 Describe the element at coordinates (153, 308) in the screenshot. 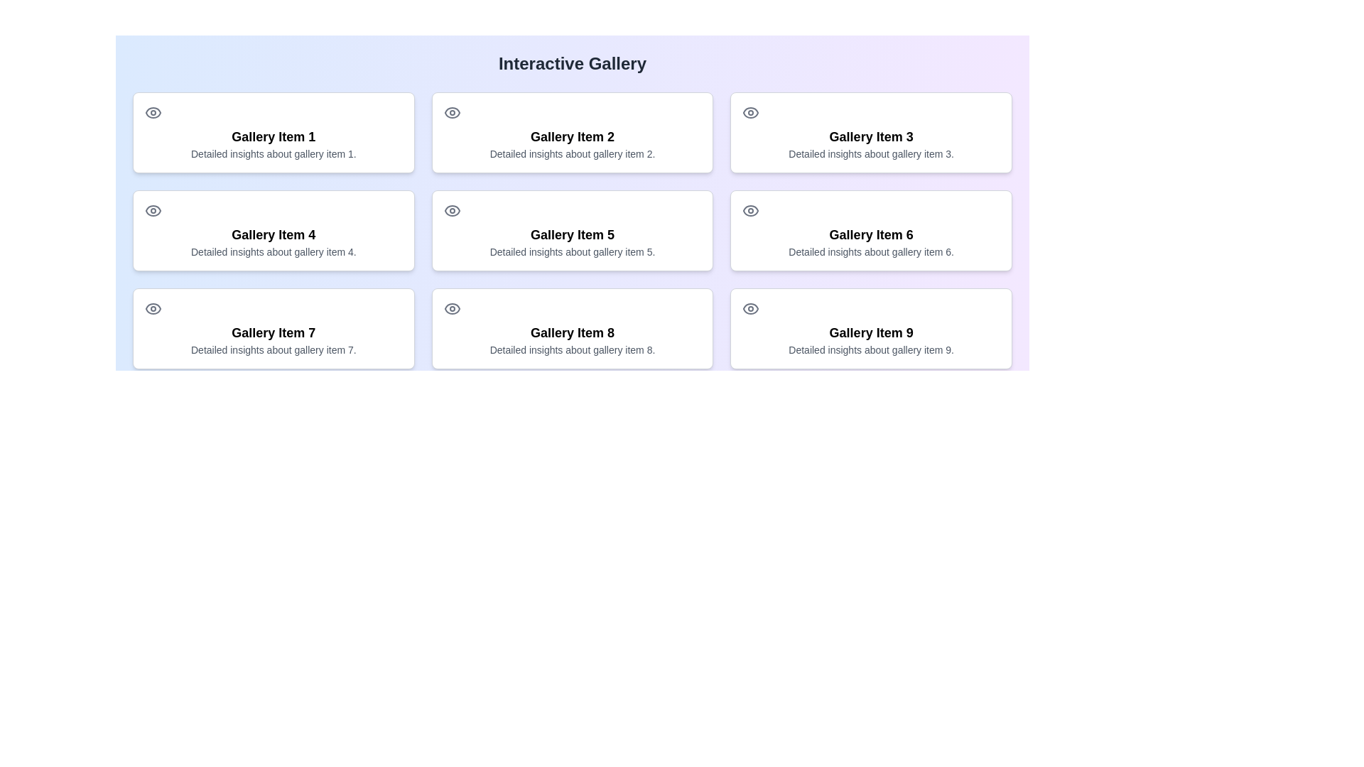

I see `the vector graphic representing visibility in the eye icon located in the third card of the leftmost column` at that location.